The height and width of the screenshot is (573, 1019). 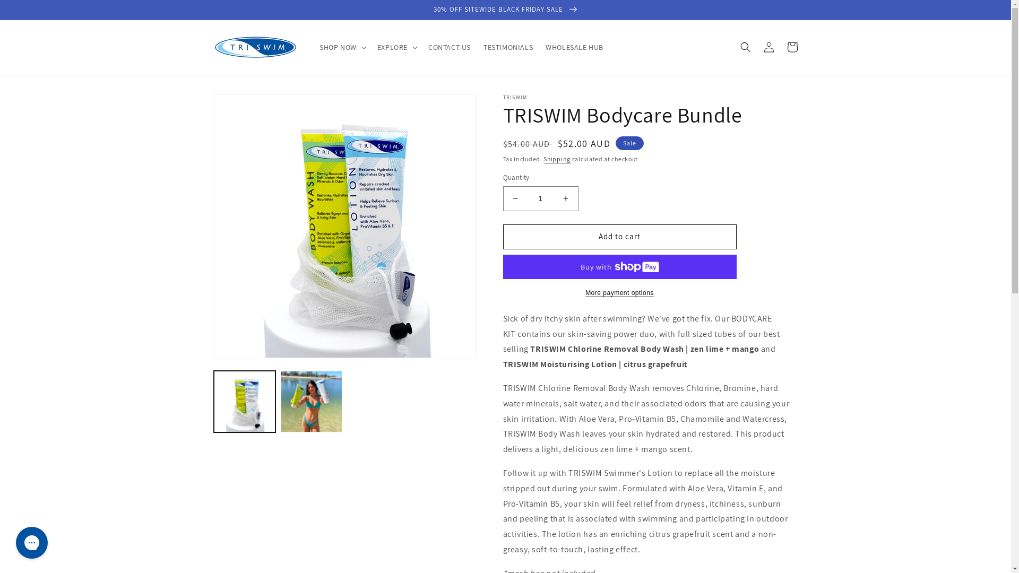 What do you see at coordinates (449, 46) in the screenshot?
I see `'CONTACT US'` at bounding box center [449, 46].